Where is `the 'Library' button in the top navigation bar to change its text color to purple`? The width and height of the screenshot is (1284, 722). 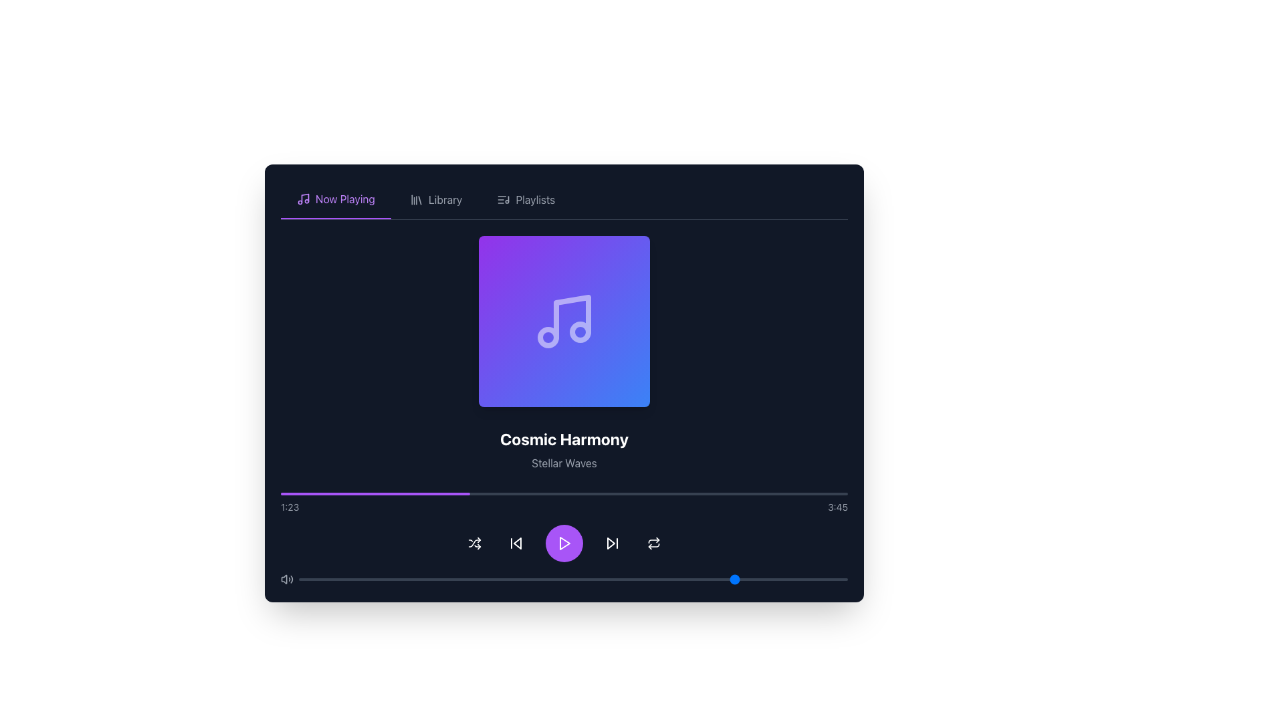
the 'Library' button in the top navigation bar to change its text color to purple is located at coordinates (436, 200).